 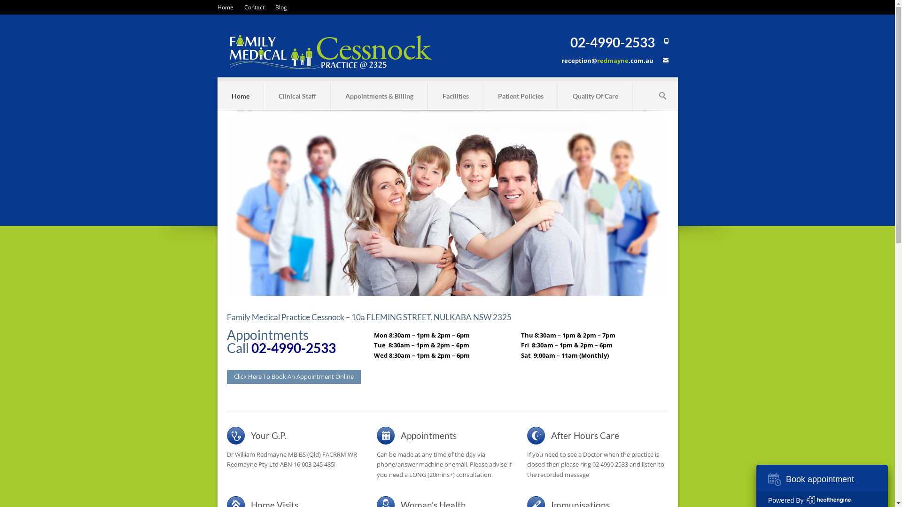 I want to click on 'Clinical Staff', so click(x=296, y=96).